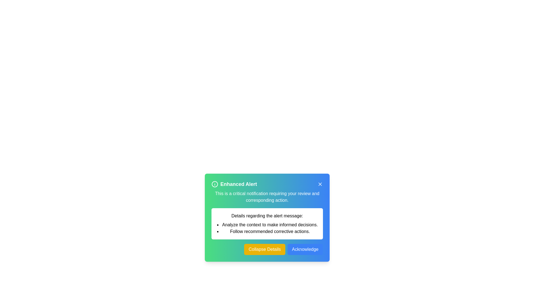 The height and width of the screenshot is (301, 535). Describe the element at coordinates (267, 249) in the screenshot. I see `the yellow rectangular button labeled 'Collapse Details'` at that location.